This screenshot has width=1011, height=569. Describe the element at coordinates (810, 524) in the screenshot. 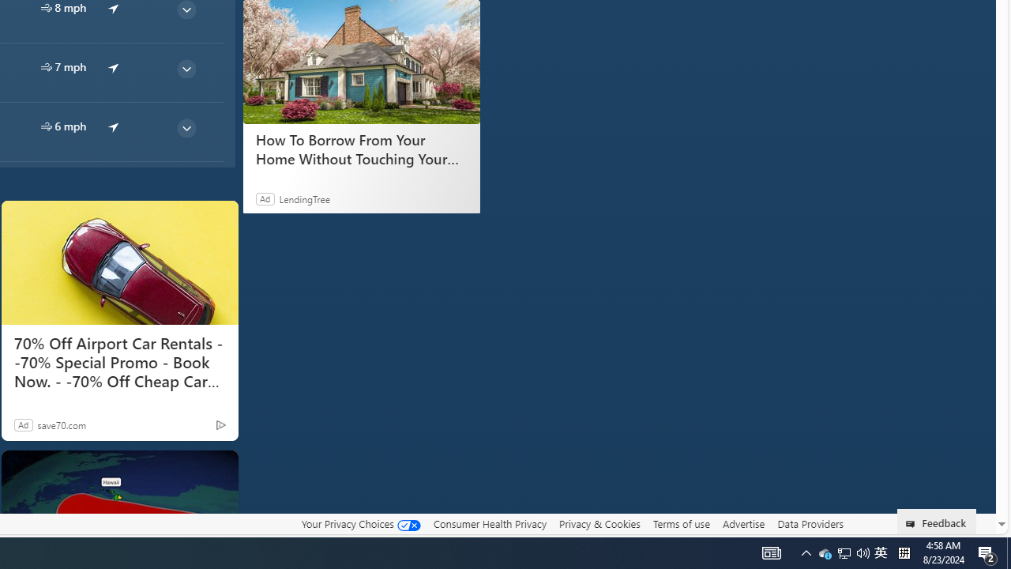

I see `'Data Providers'` at that location.